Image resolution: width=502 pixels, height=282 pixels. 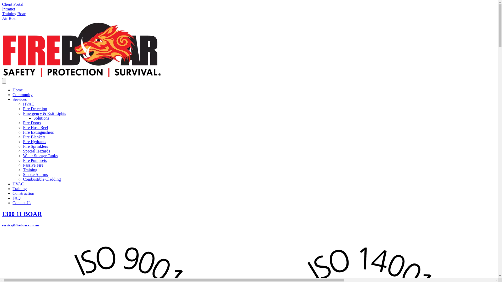 What do you see at coordinates (22, 123) in the screenshot?
I see `'Fire Doors'` at bounding box center [22, 123].